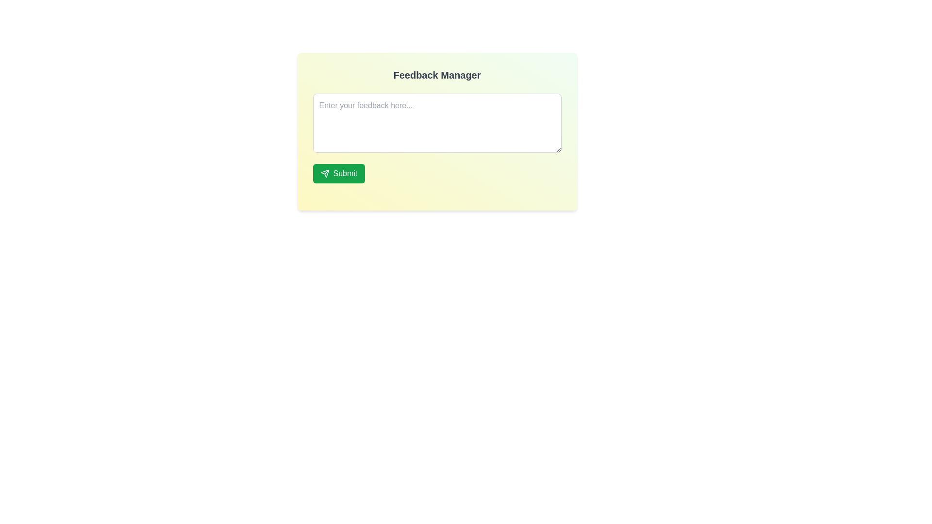  Describe the element at coordinates (325, 173) in the screenshot. I see `the icon that visually indicates the submission action within the green 'Submit' button, which is located beneath the user input text box` at that location.